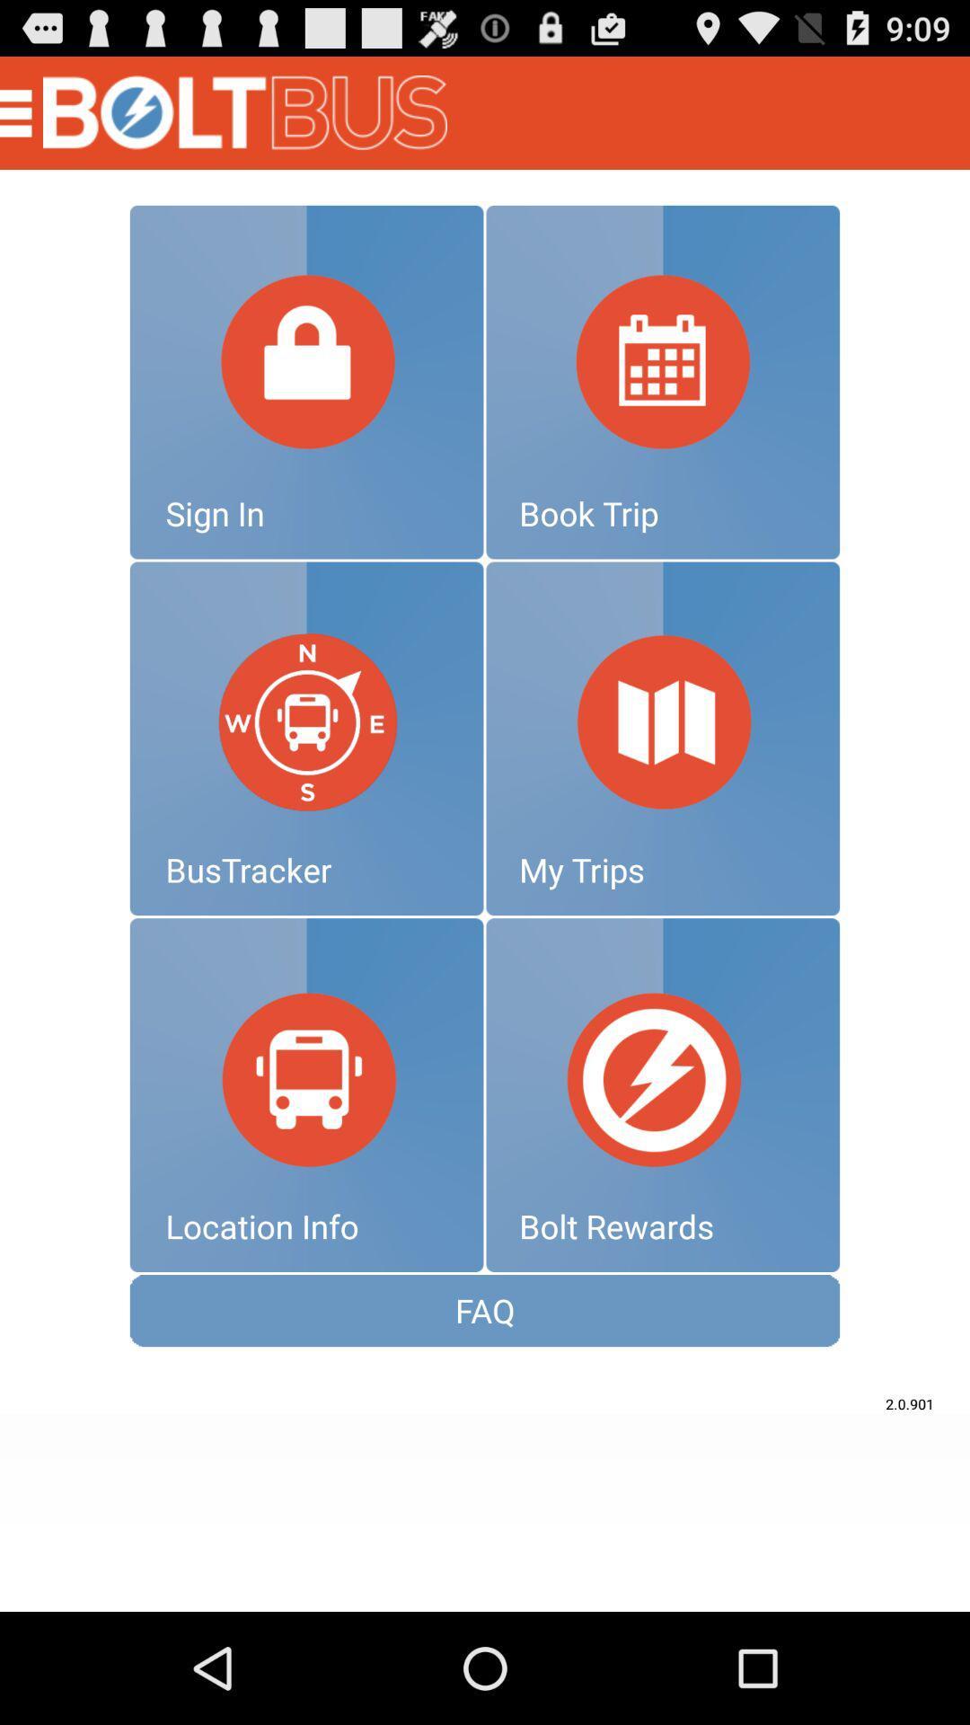 This screenshot has height=1725, width=970. Describe the element at coordinates (485, 1311) in the screenshot. I see `faq icon` at that location.